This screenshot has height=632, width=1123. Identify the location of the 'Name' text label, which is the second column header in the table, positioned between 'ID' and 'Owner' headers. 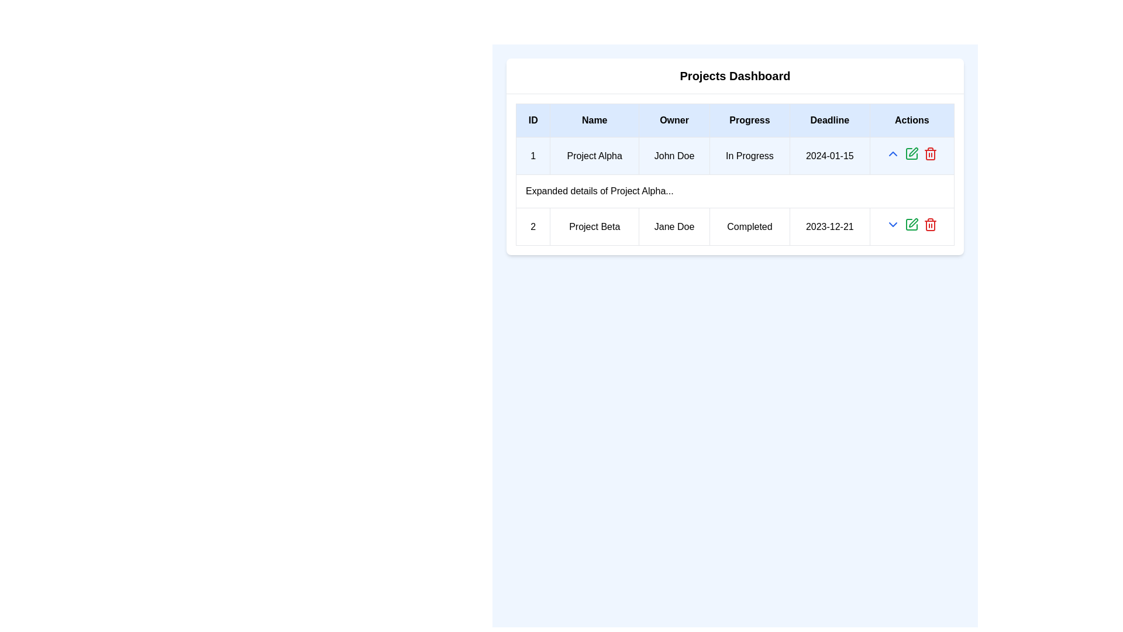
(594, 120).